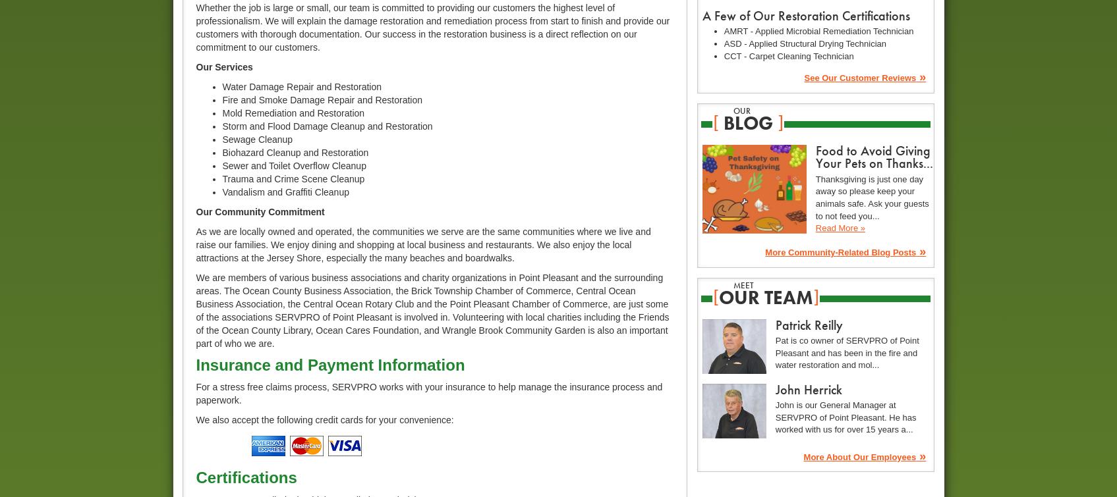  What do you see at coordinates (859, 456) in the screenshot?
I see `'More About Our Employees'` at bounding box center [859, 456].